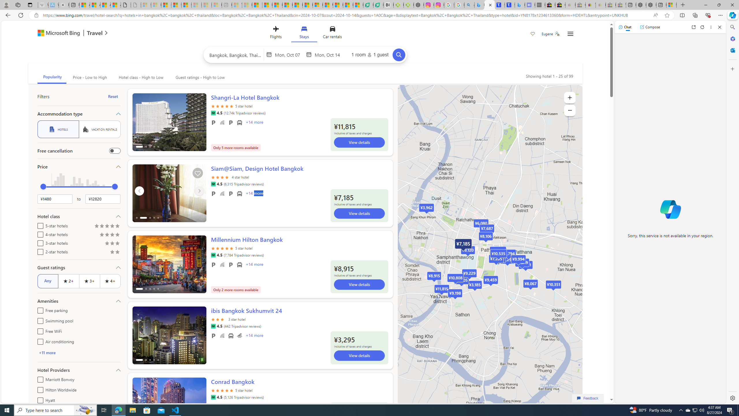 The image size is (739, 416). What do you see at coordinates (569, 110) in the screenshot?
I see `'Zoom out'` at bounding box center [569, 110].